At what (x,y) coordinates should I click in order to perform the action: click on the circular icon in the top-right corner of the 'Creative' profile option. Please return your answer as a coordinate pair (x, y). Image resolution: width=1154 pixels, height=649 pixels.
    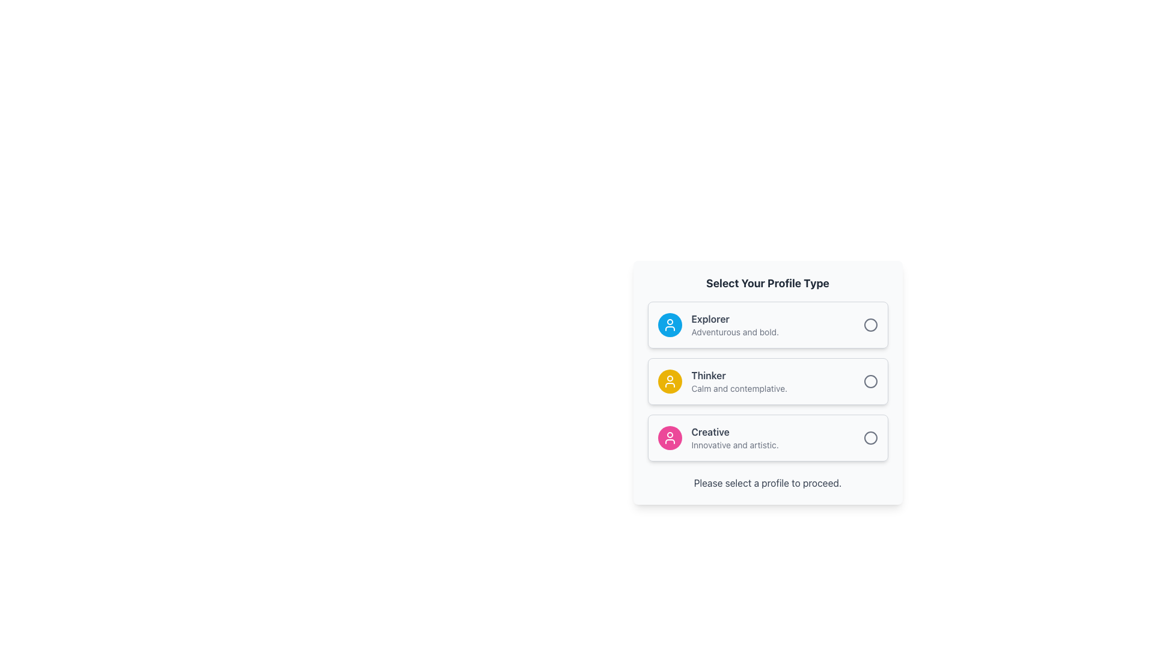
    Looking at the image, I should click on (870, 438).